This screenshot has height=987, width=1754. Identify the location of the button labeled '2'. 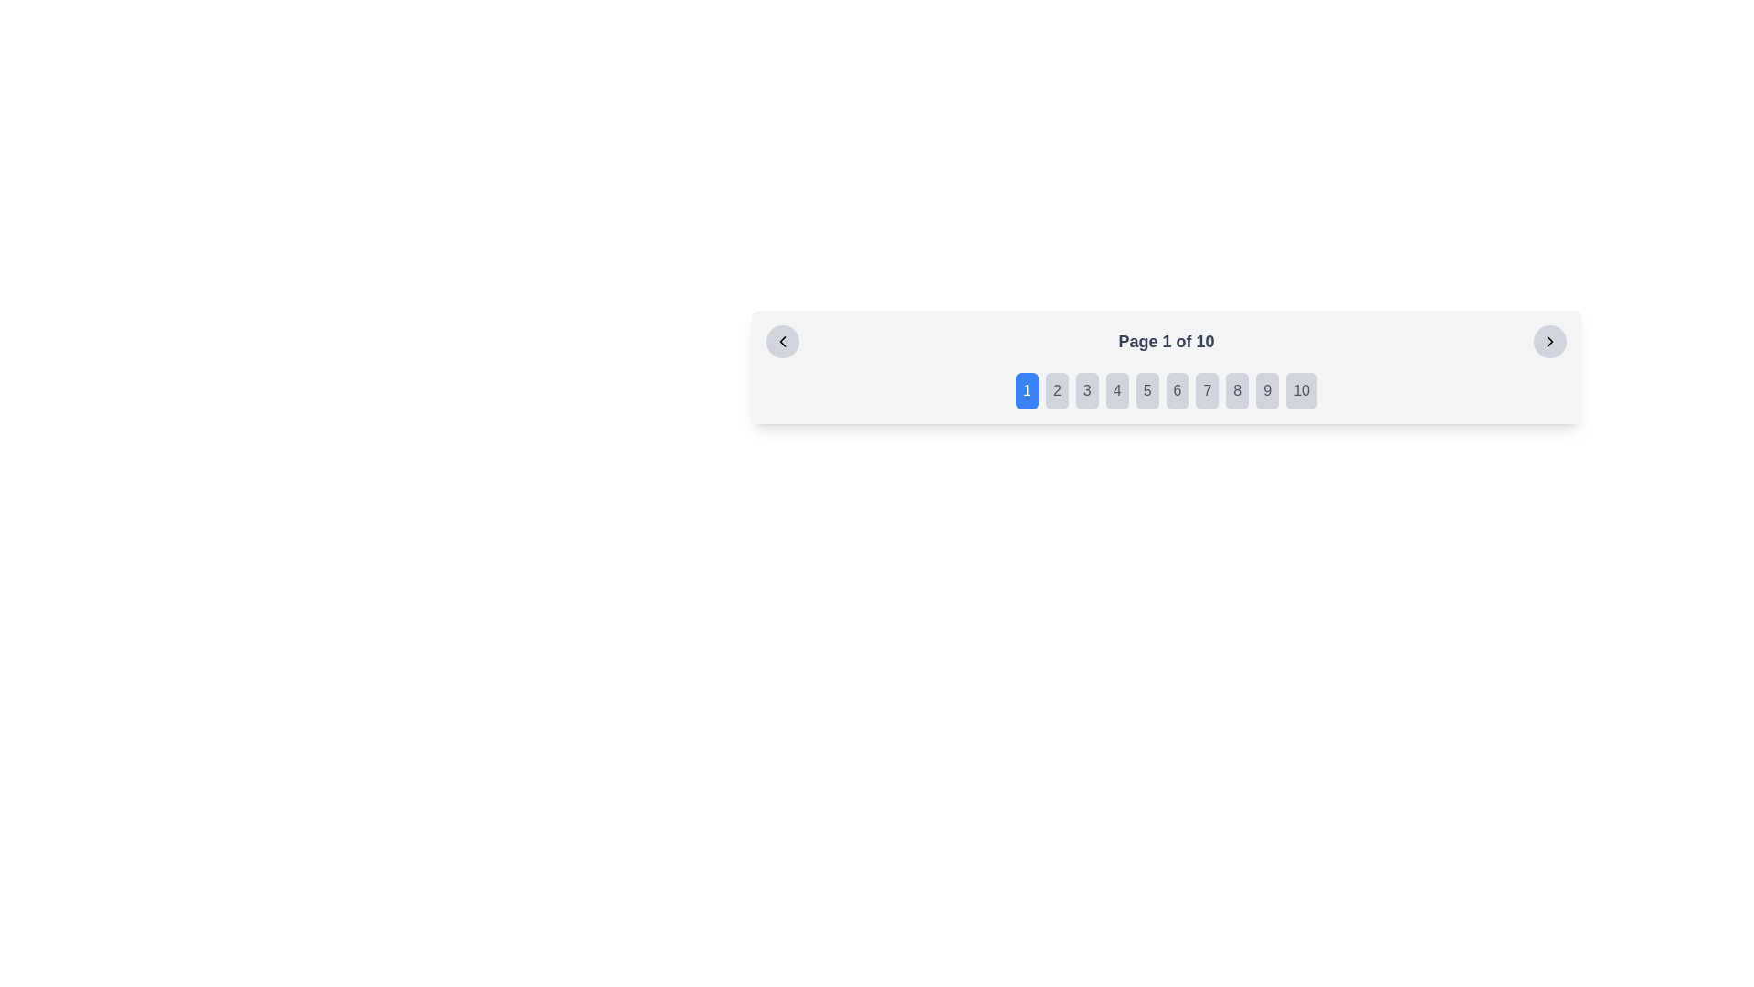
(1057, 390).